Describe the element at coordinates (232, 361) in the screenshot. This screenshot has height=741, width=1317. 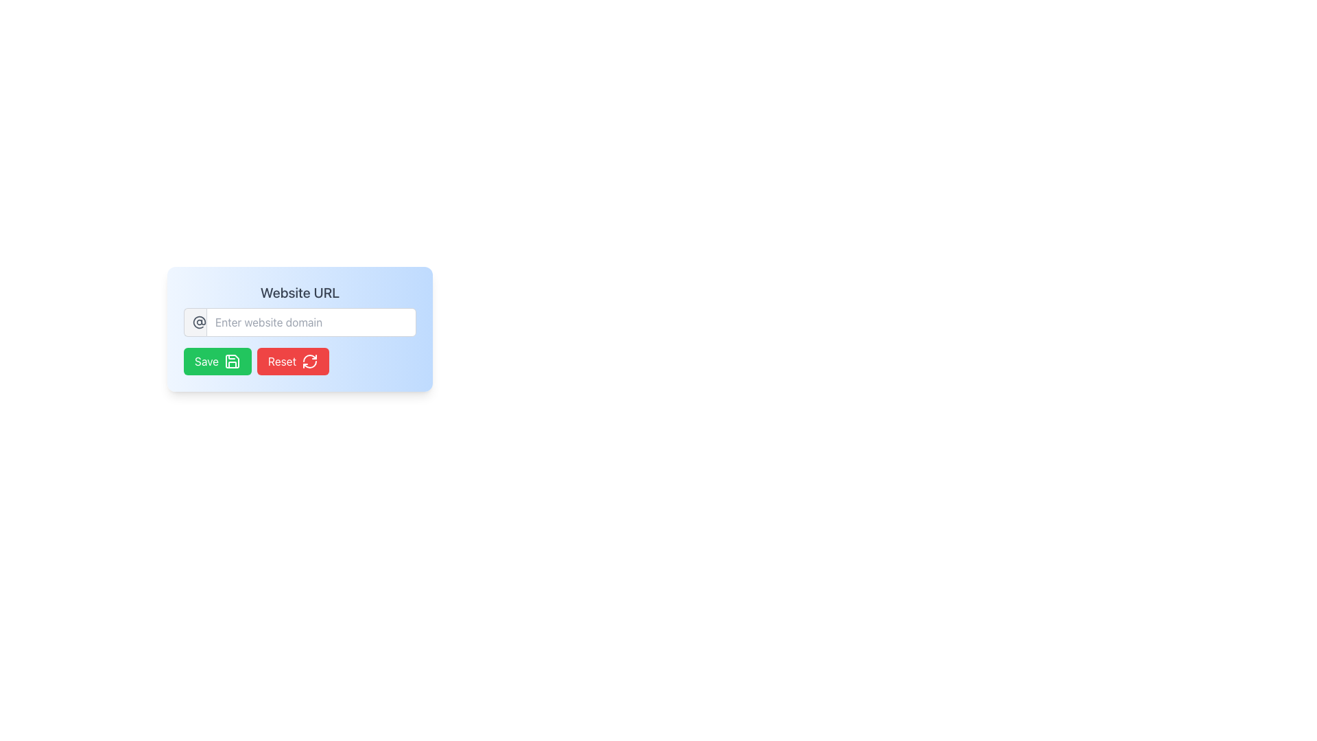
I see `the 'Save' button icon located in the lower-left part of the light blue panel titled 'Website URL'` at that location.